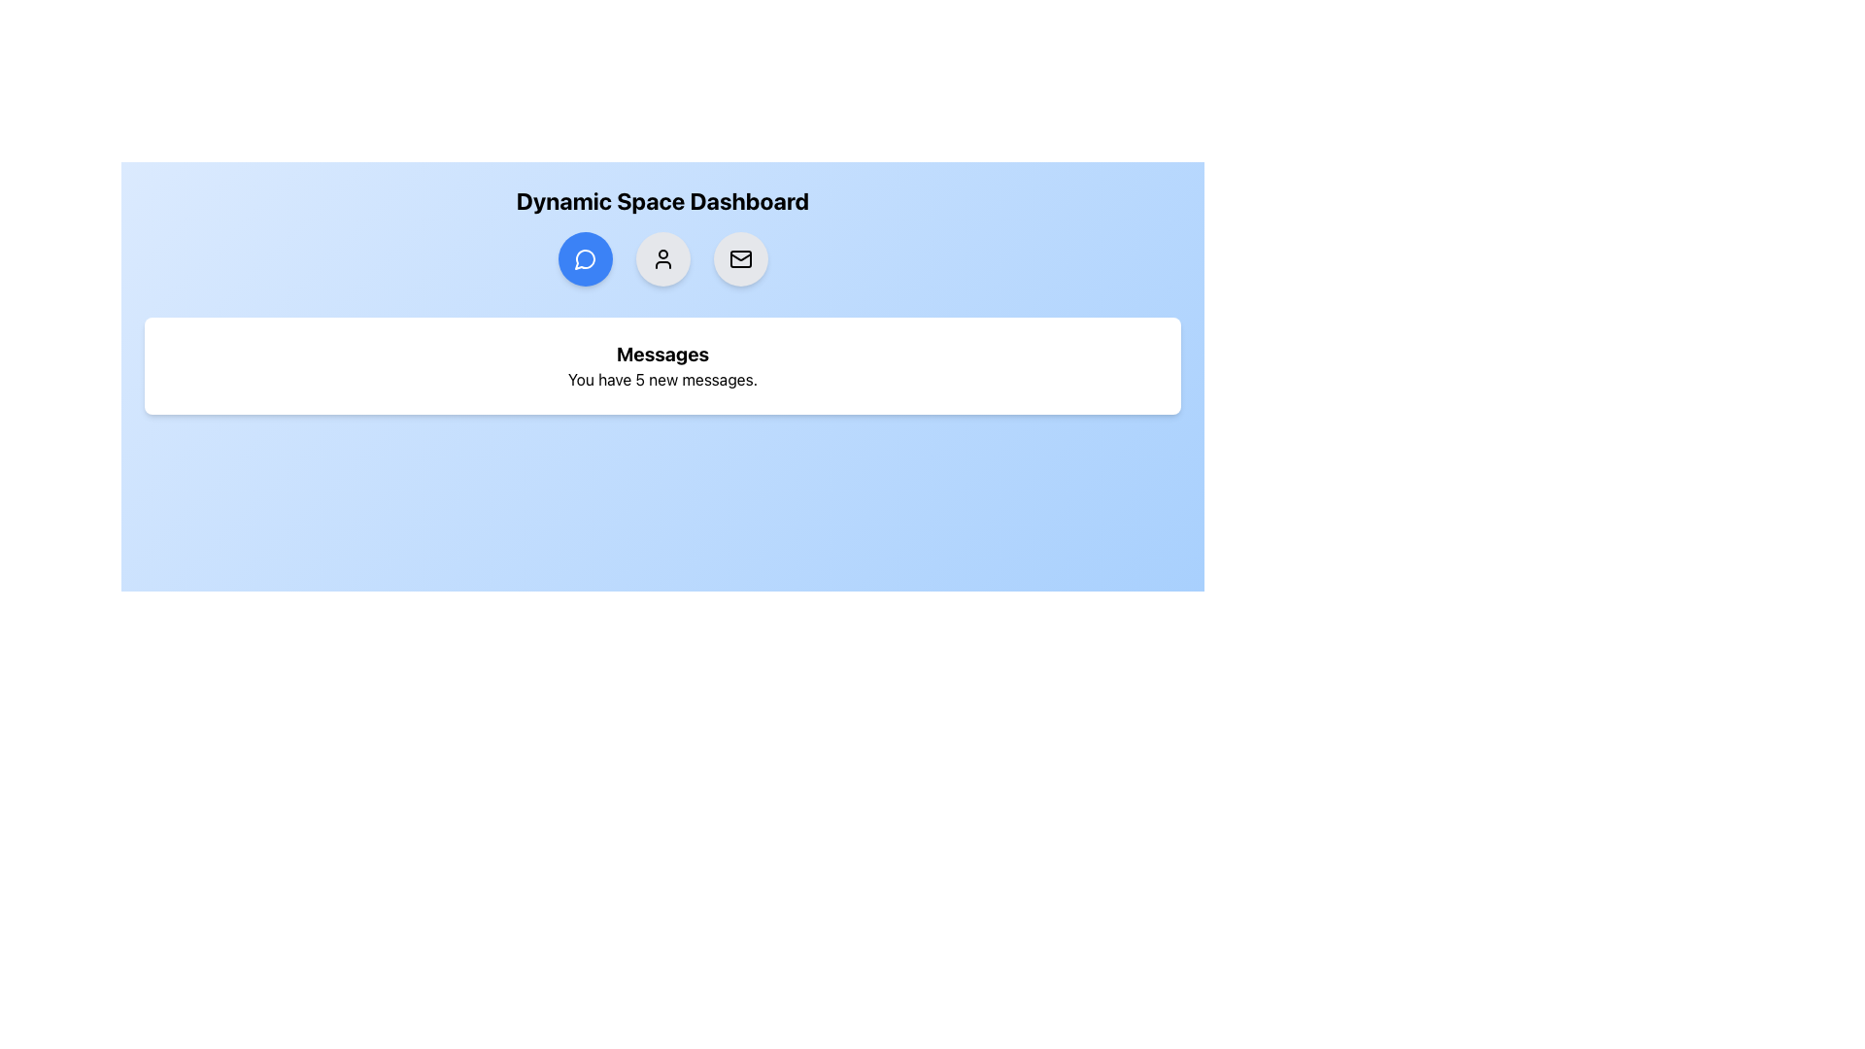 The height and width of the screenshot is (1049, 1865). Describe the element at coordinates (583, 258) in the screenshot. I see `the leftmost circular icon with a blue background and white stroke in the row below 'Dynamic Space Dashboard'` at that location.